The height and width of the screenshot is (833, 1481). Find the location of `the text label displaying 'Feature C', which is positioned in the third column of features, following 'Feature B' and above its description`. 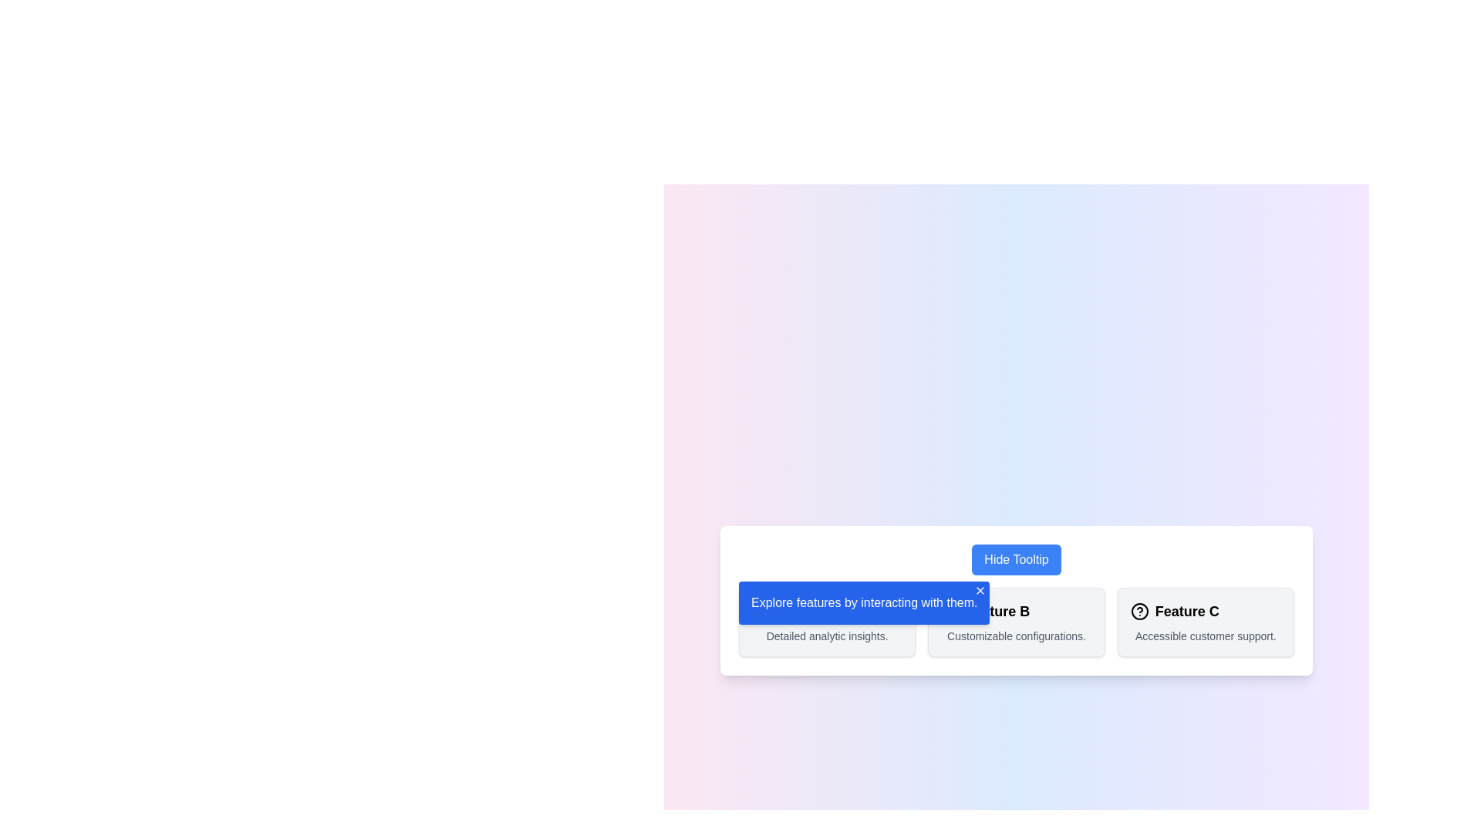

the text label displaying 'Feature C', which is positioned in the third column of features, following 'Feature B' and above its description is located at coordinates (1186, 611).